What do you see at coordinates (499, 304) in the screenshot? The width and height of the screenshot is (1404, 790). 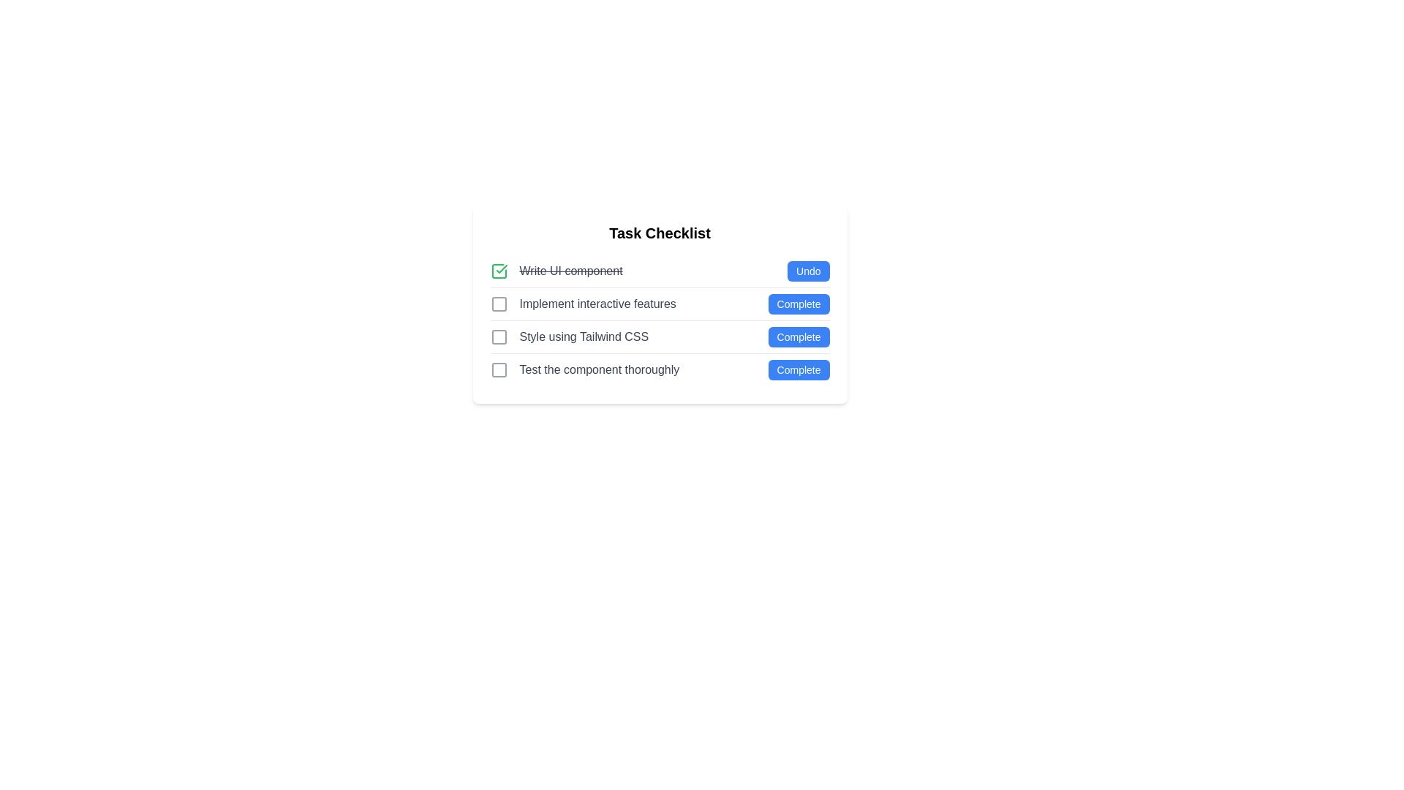 I see `minimalistic, rounded rectangle SVG graphic positioned within a larger SVG graphic that aligns with a checklist text item` at bounding box center [499, 304].